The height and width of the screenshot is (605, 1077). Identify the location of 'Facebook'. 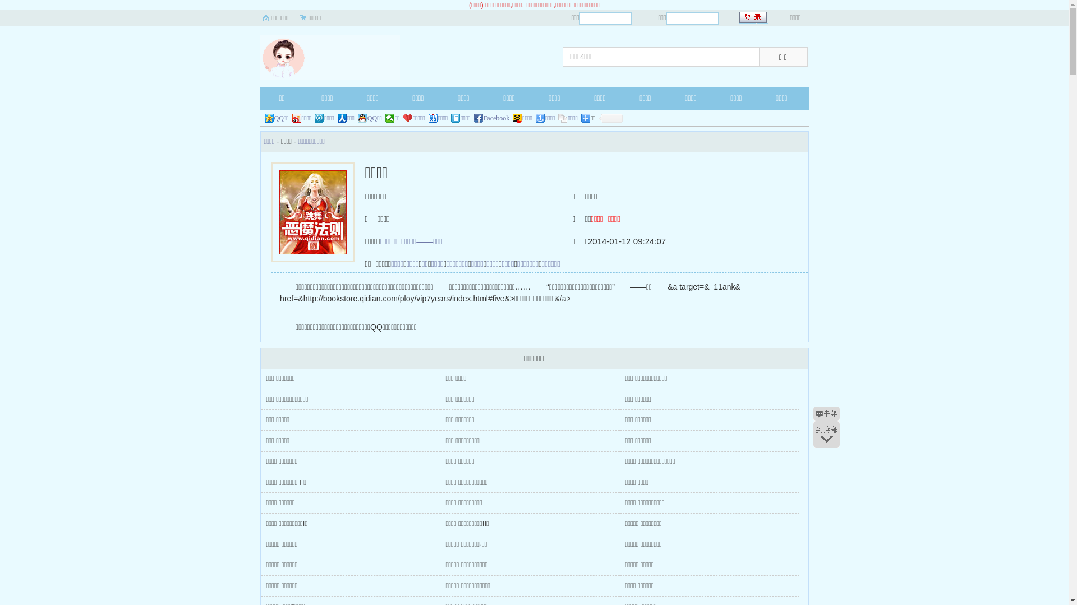
(492, 118).